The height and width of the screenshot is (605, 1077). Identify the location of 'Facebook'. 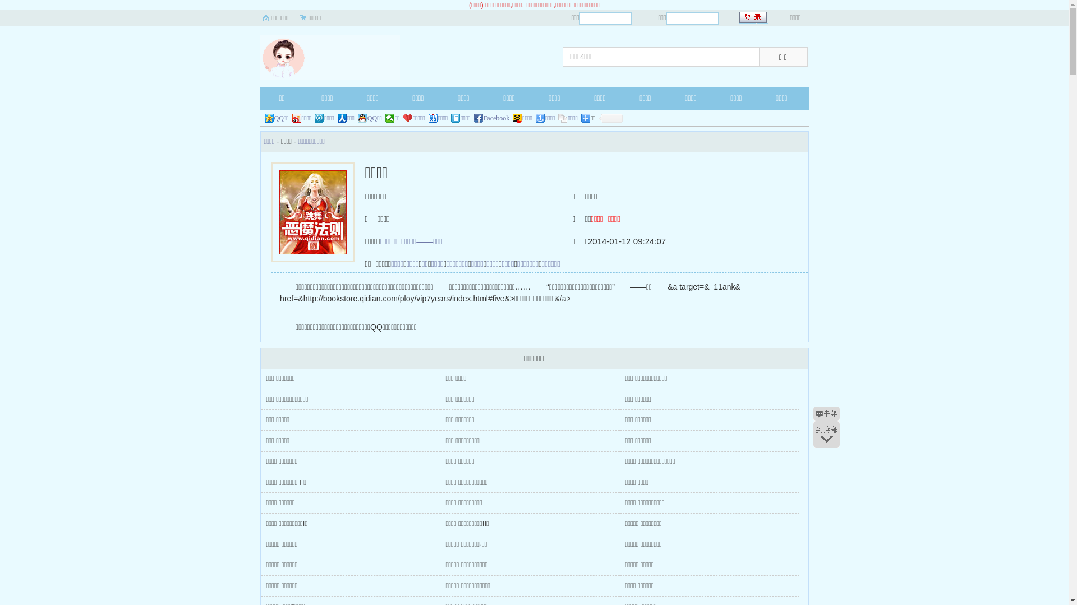
(492, 118).